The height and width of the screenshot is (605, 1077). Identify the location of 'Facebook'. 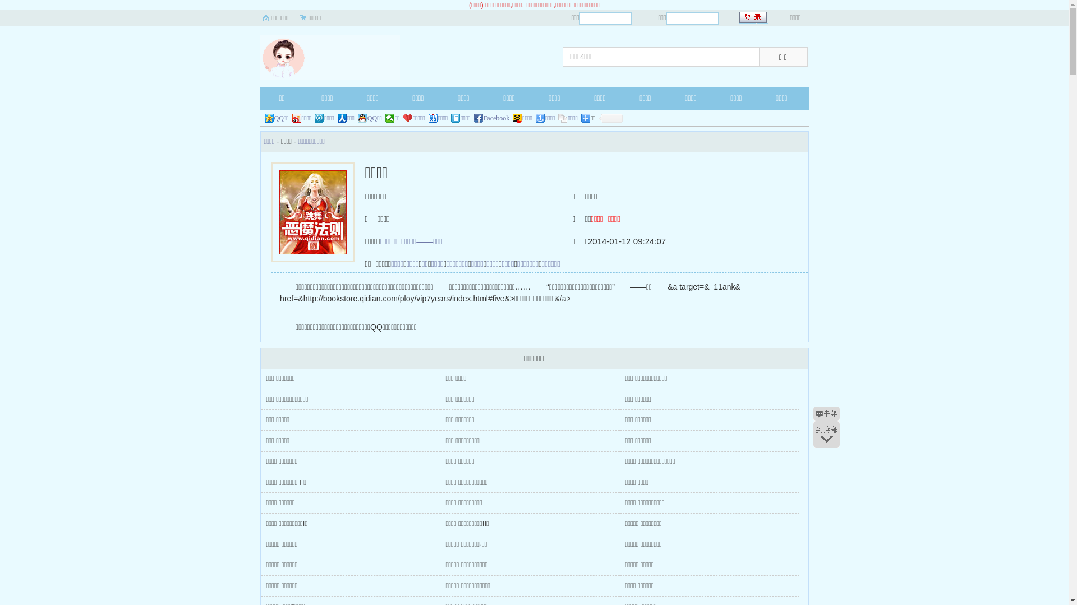
(492, 118).